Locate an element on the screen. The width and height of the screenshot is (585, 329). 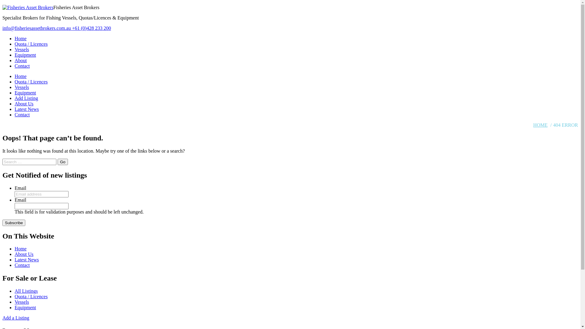
'Add a Listing' is located at coordinates (16, 317).